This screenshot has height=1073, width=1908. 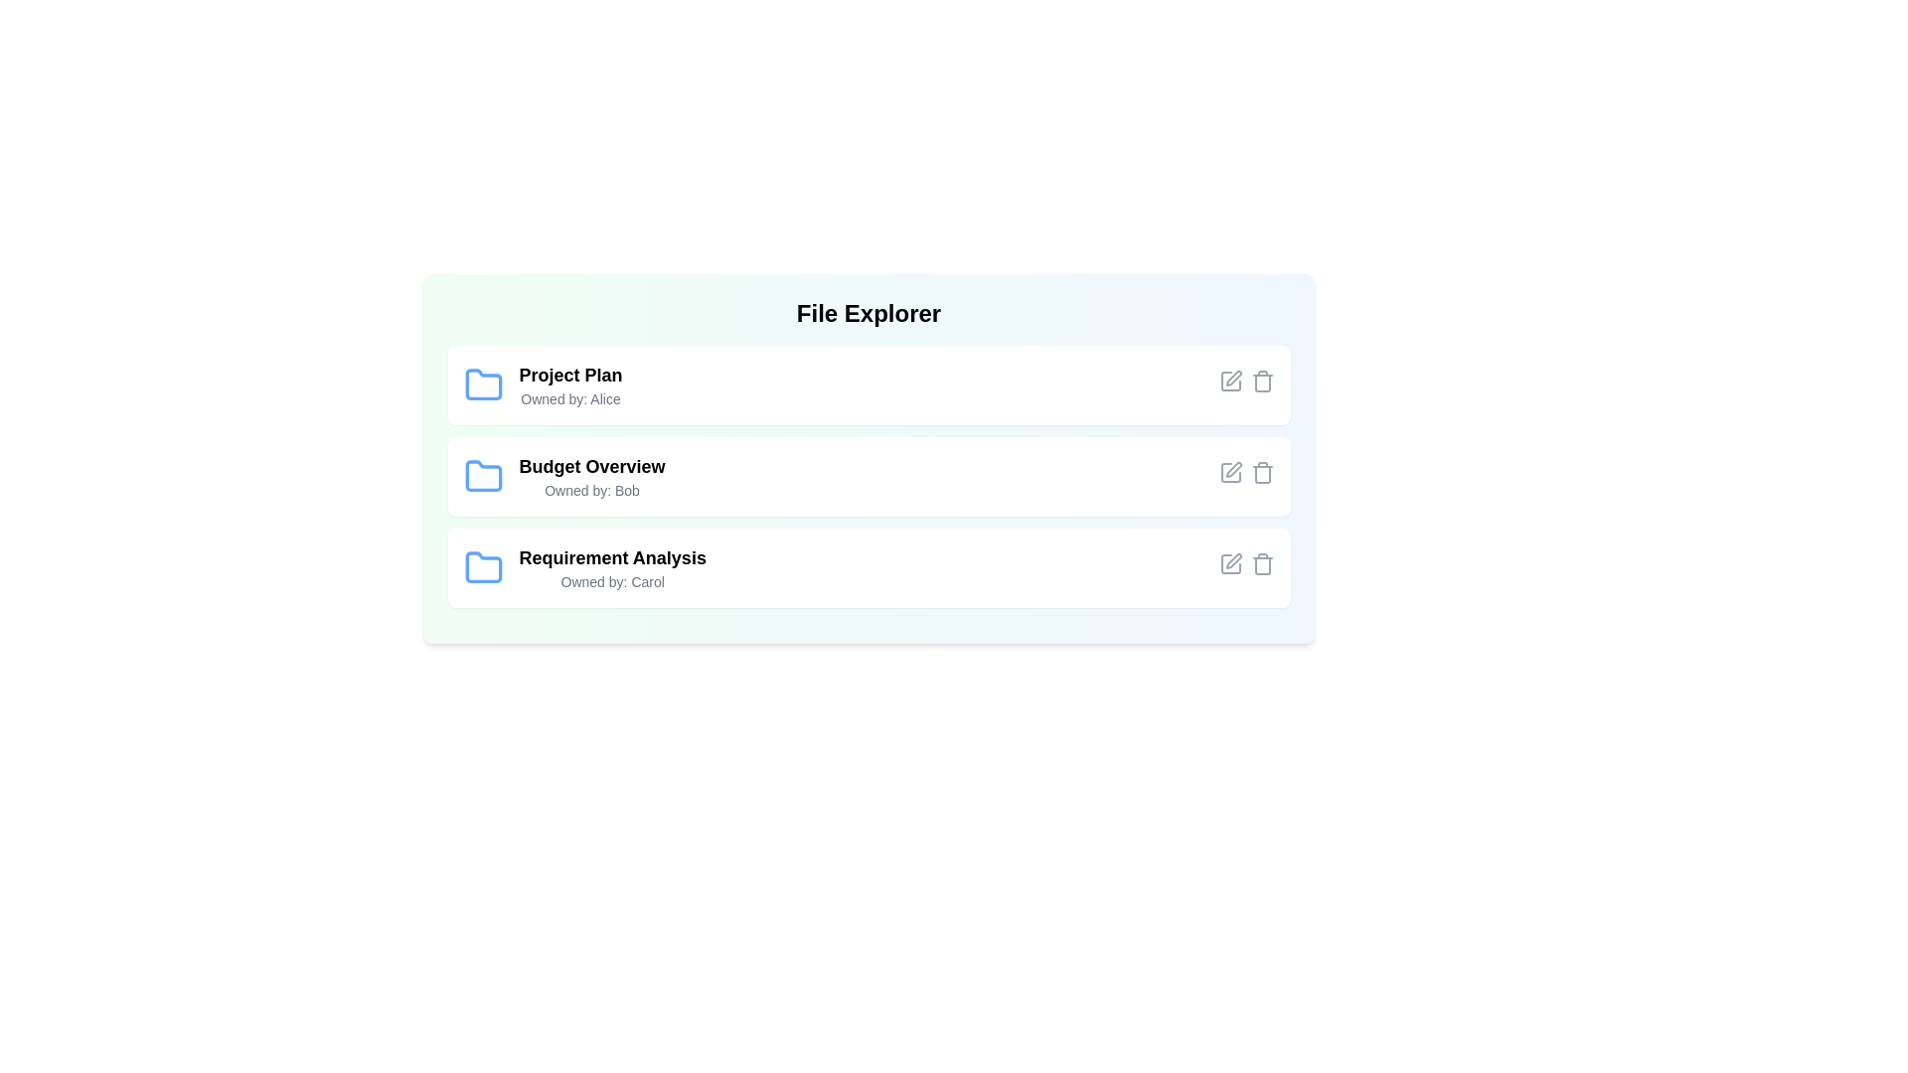 I want to click on delete button for the file named Project Plan, so click(x=1261, y=382).